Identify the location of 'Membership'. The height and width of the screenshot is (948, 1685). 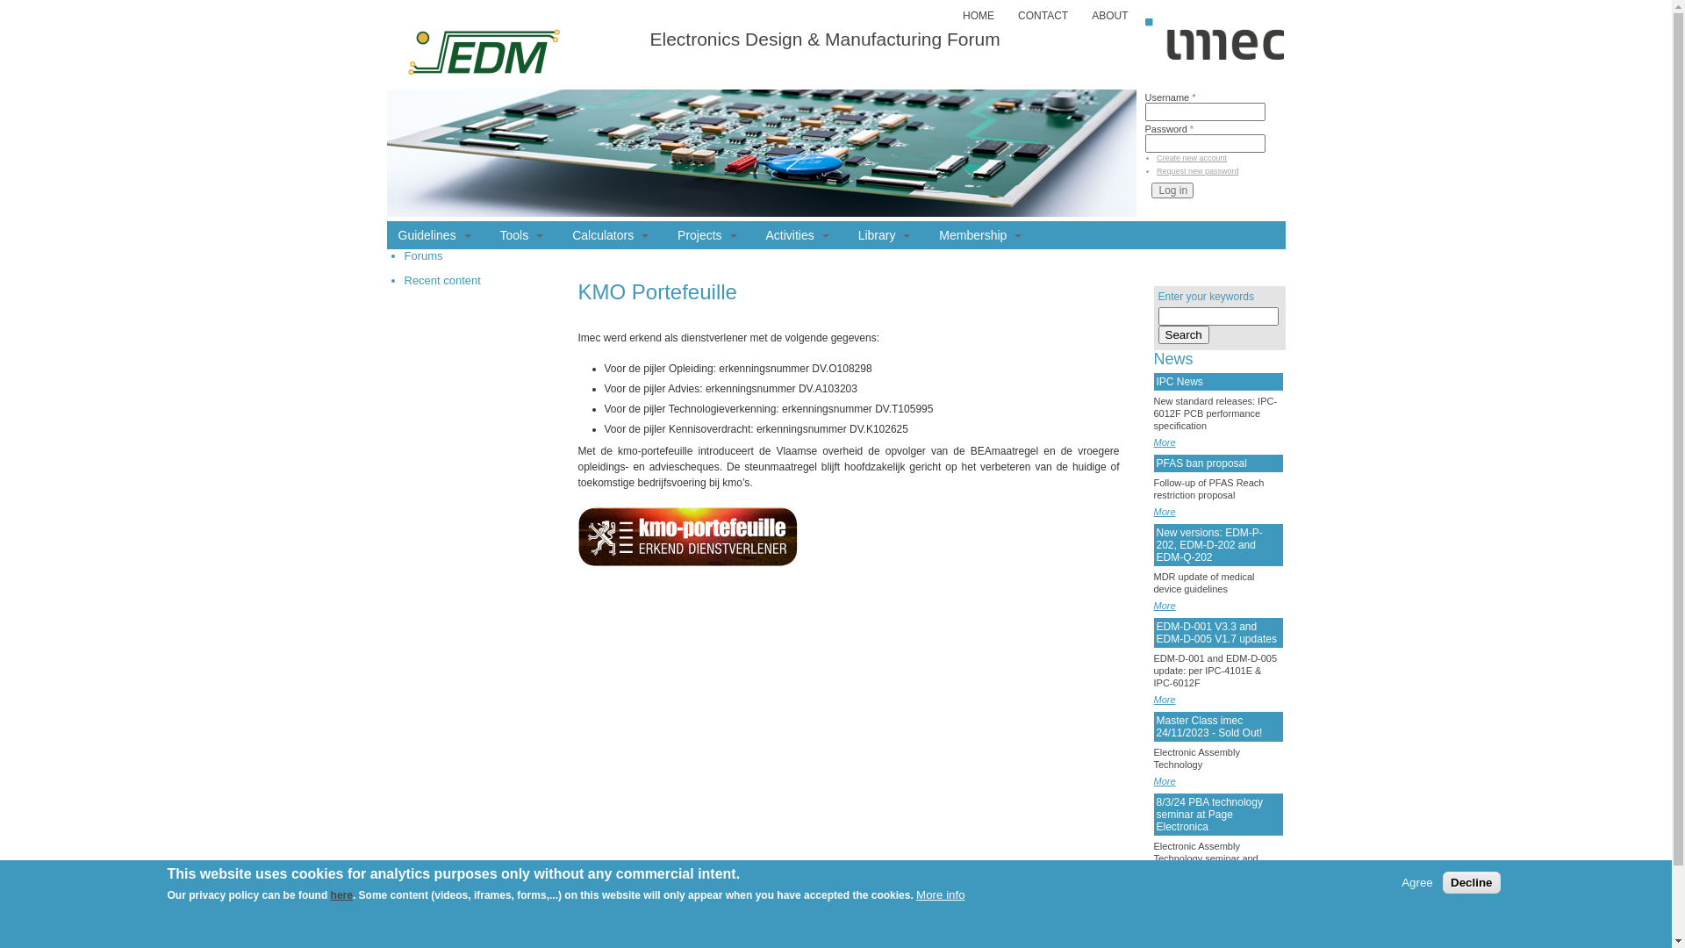
(979, 233).